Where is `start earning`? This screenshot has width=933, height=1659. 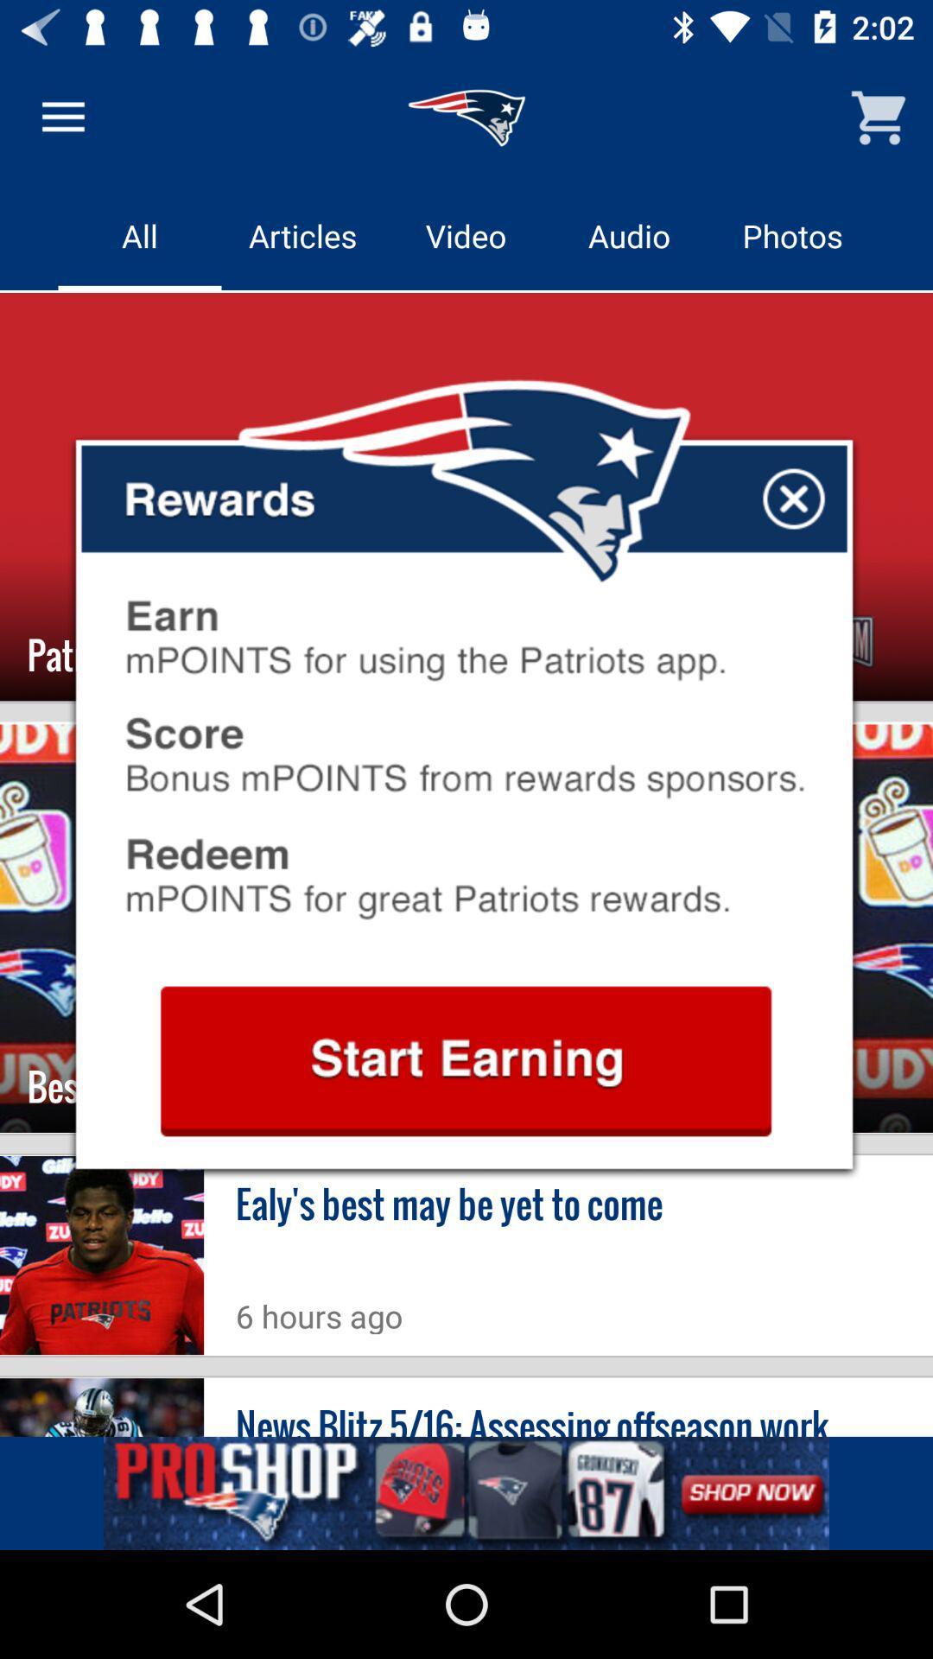
start earning is located at coordinates (465, 1060).